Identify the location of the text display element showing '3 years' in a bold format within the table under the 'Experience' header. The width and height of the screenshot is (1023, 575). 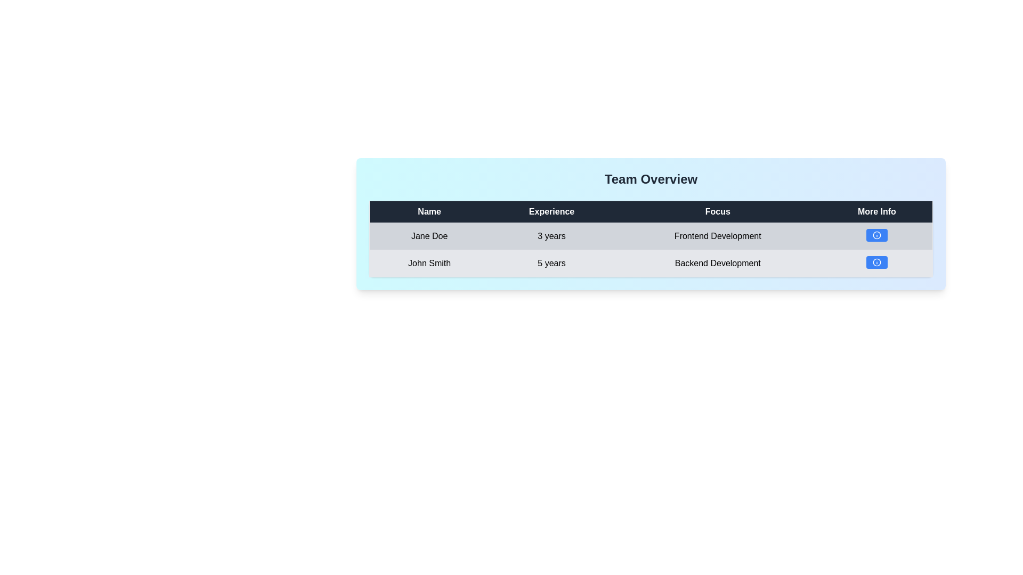
(551, 235).